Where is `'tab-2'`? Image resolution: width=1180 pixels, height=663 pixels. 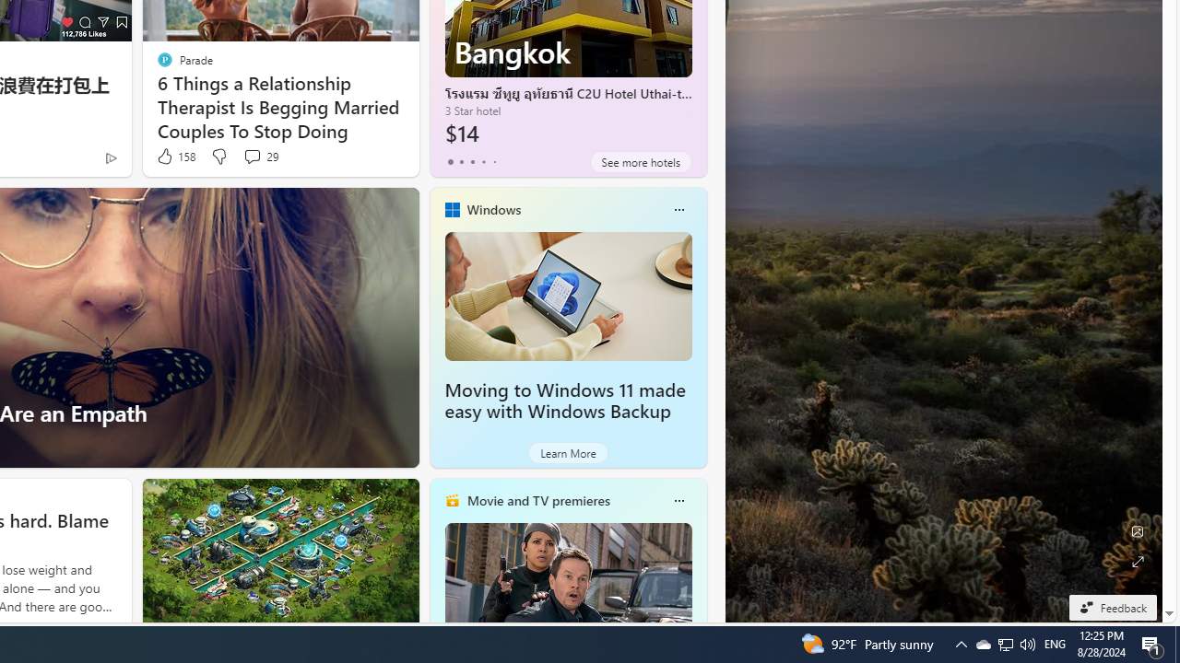
'tab-2' is located at coordinates (472, 161).